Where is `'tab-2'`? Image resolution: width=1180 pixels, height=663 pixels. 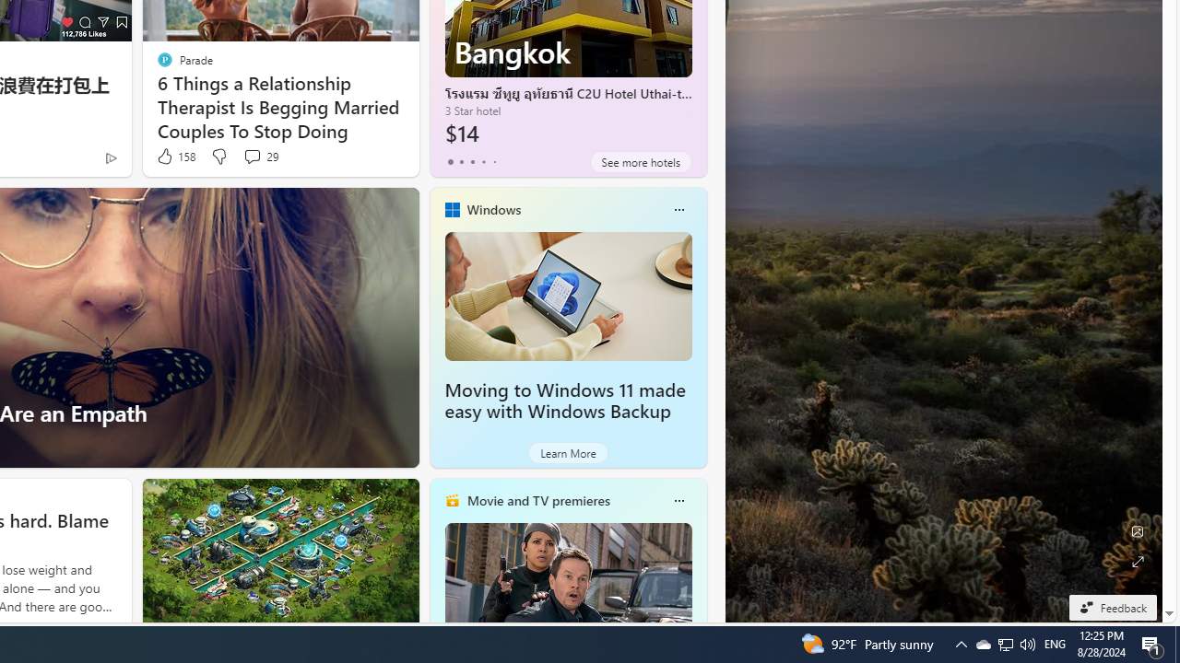
'tab-2' is located at coordinates (472, 161).